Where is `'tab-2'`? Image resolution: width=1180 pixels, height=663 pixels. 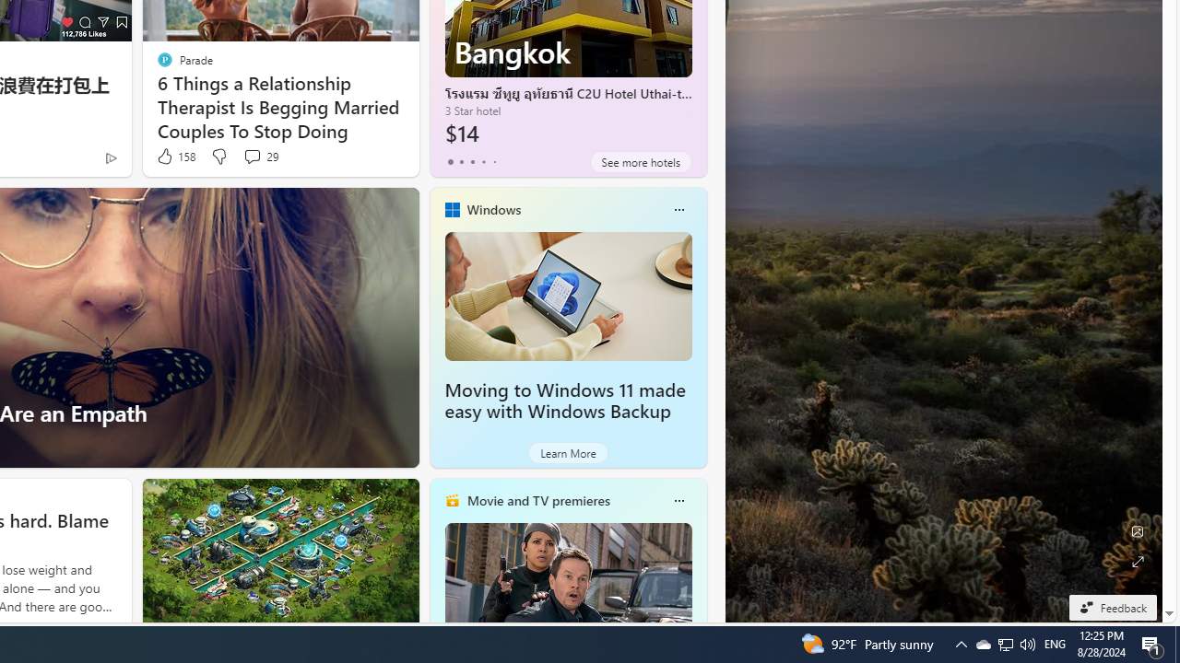
'tab-2' is located at coordinates (472, 161).